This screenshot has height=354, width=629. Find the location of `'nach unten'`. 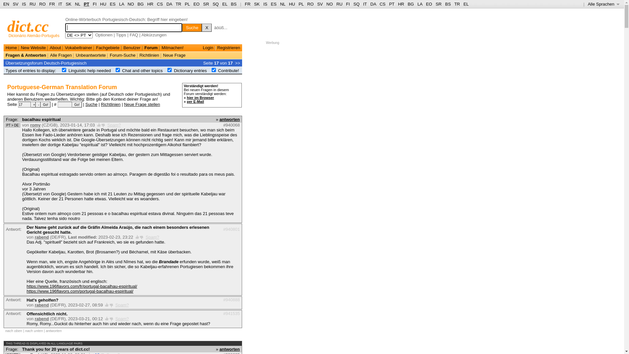

'nach unten' is located at coordinates (25, 331).